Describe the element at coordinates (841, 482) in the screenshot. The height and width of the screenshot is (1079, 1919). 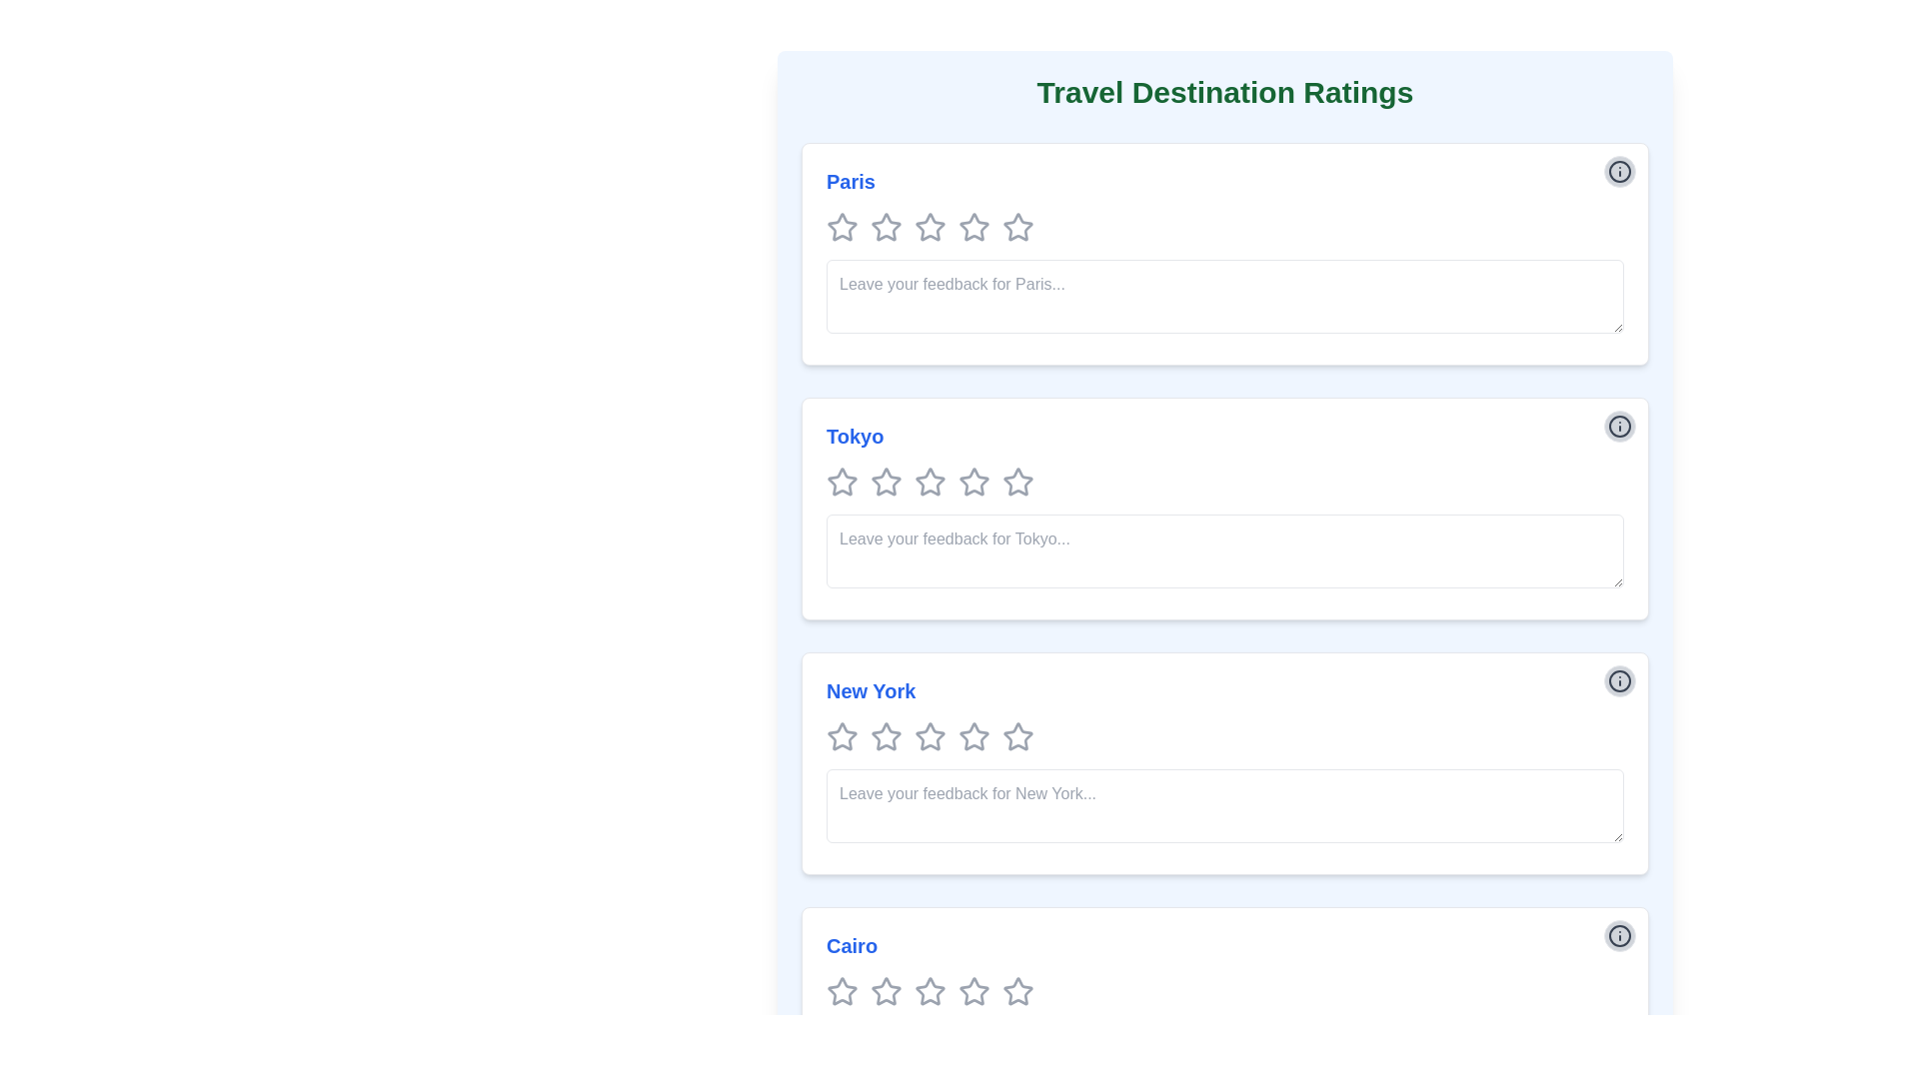
I see `the first star icon` at that location.